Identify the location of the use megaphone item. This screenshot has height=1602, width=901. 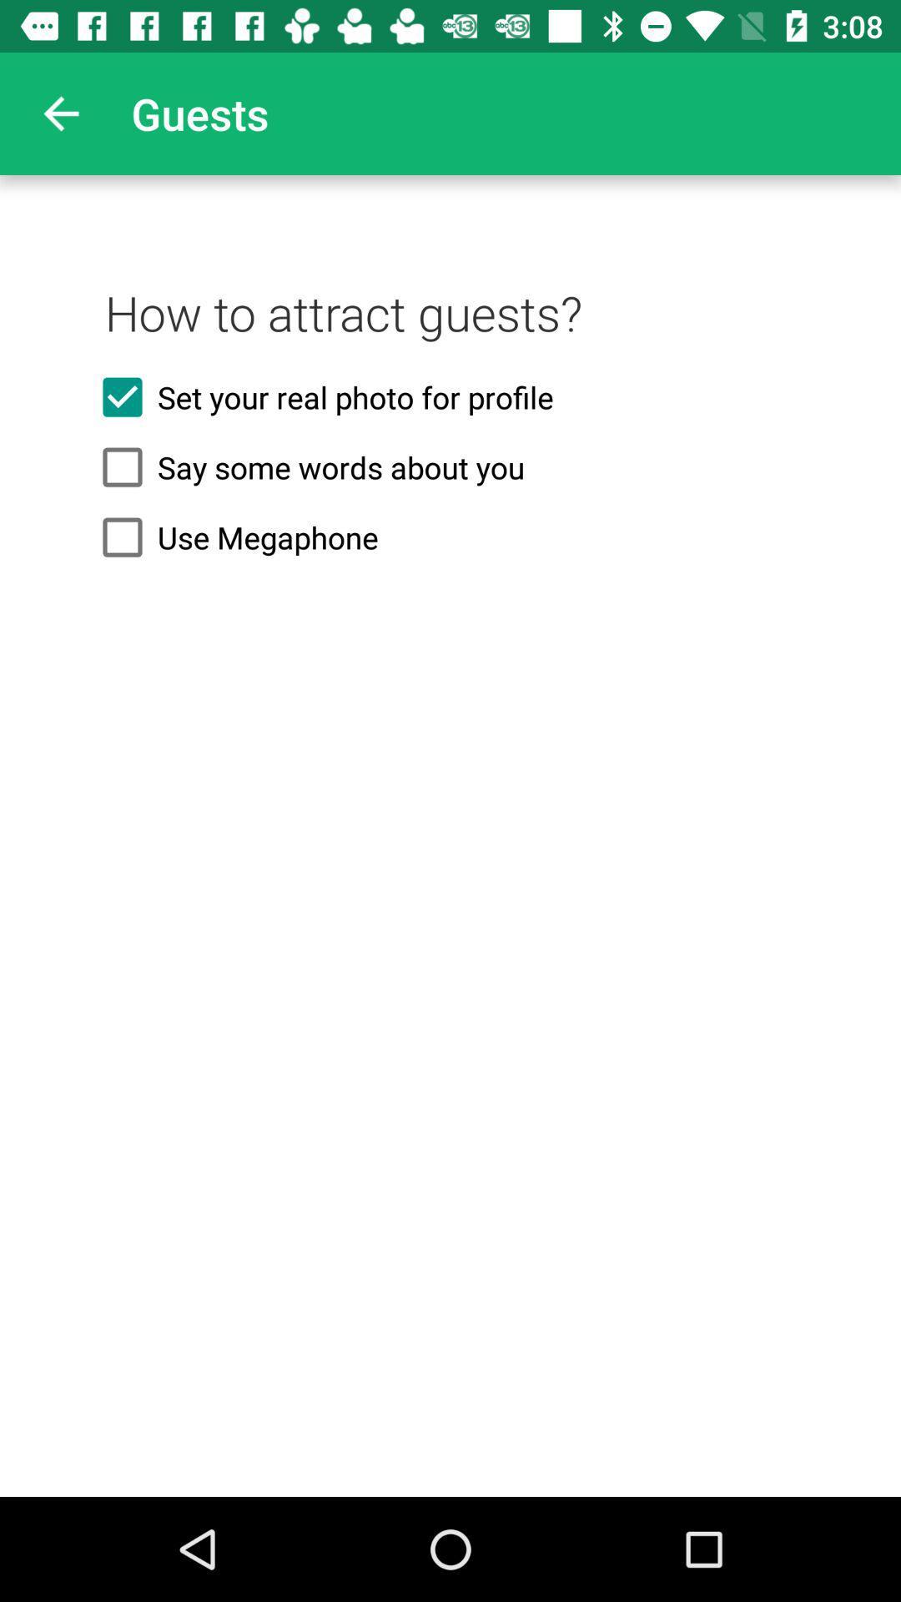
(450, 537).